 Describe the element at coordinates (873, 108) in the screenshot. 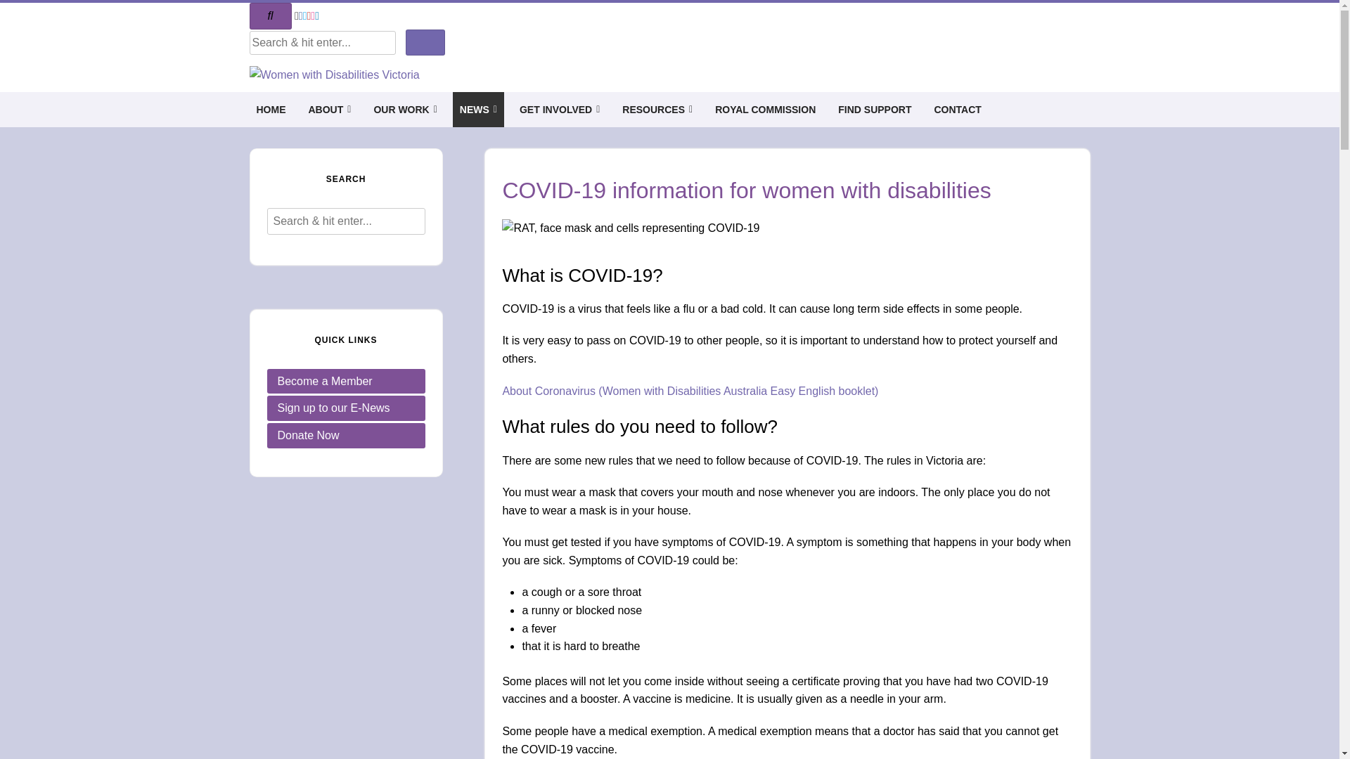

I see `'FIND SUPPORT'` at that location.